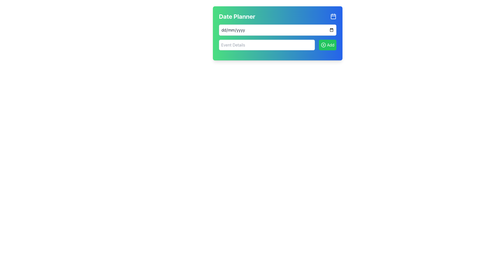 This screenshot has height=273, width=486. What do you see at coordinates (333, 16) in the screenshot?
I see `keyboard navigation` at bounding box center [333, 16].